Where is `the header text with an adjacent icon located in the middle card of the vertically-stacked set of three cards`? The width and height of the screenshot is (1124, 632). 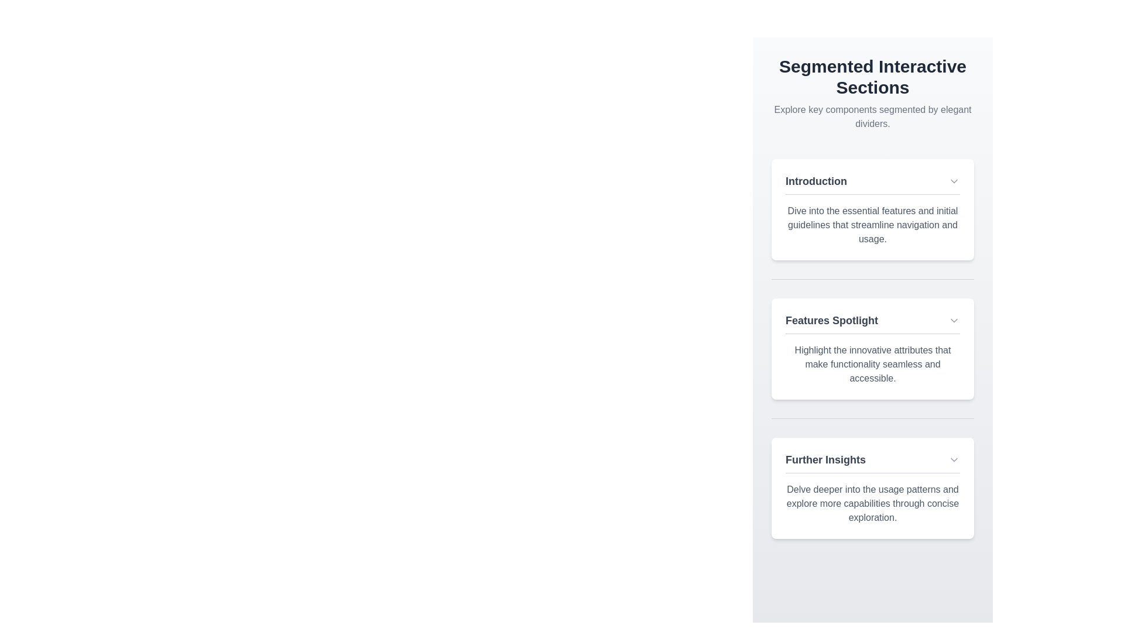
the header text with an adjacent icon located in the middle card of the vertically-stacked set of three cards is located at coordinates (873, 323).